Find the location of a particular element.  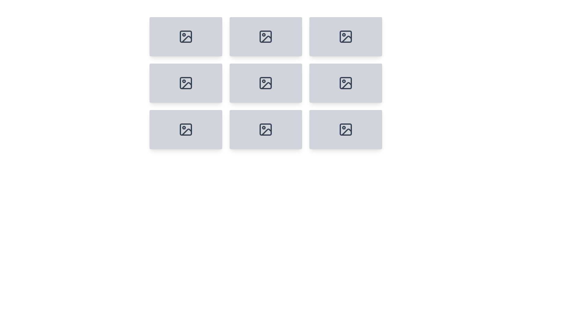

the icon resembling a generic image outline, which has a dark gray square border with rounded corners and a circular shape in the top-left, located at the center of the top-left cell in a 3x3 grid layout is located at coordinates (185, 36).